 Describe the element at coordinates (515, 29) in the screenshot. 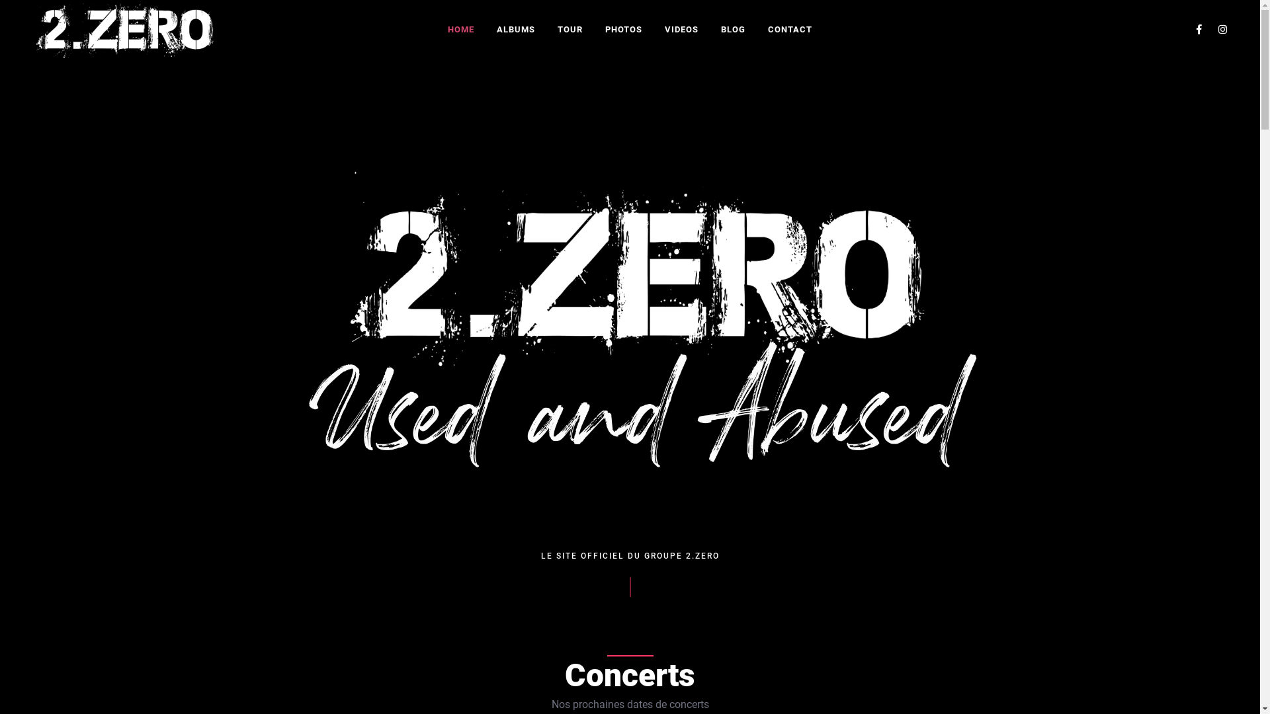

I see `'ALBUMS'` at that location.